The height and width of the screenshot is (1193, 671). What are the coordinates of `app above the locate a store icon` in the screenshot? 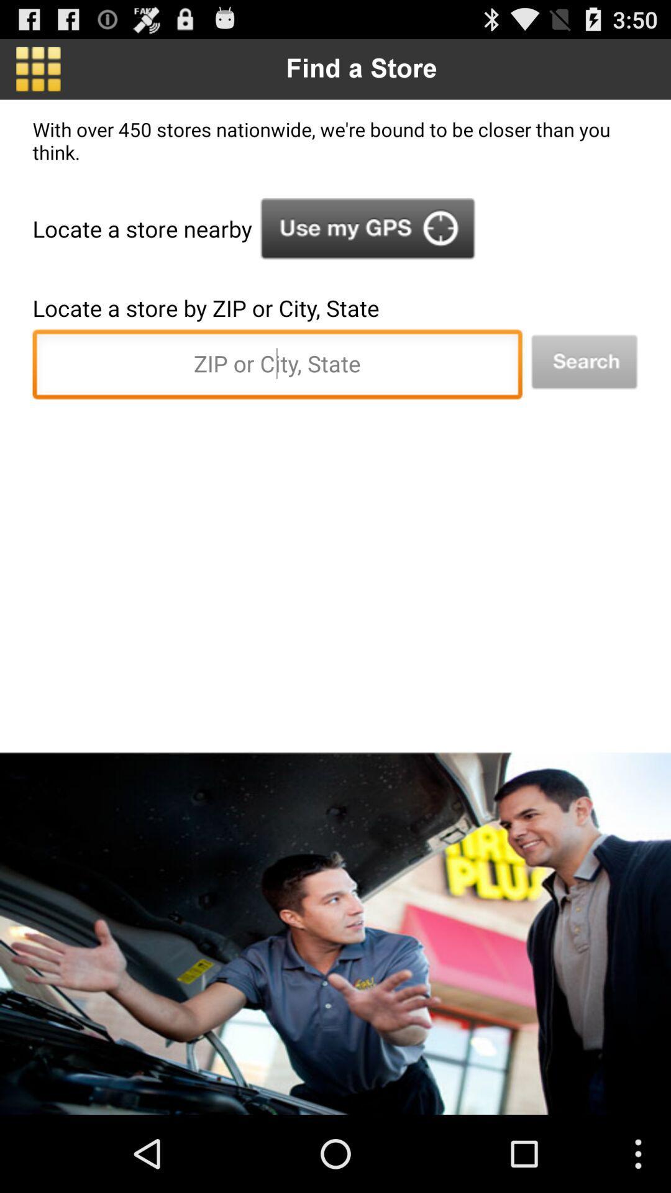 It's located at (367, 229).